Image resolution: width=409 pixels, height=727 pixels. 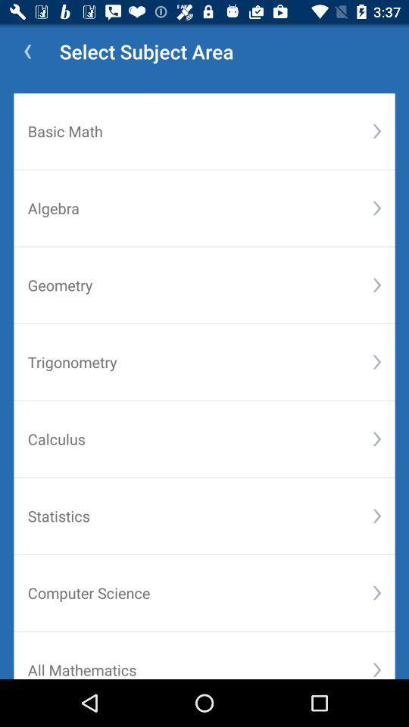 I want to click on item below statistics, so click(x=376, y=593).